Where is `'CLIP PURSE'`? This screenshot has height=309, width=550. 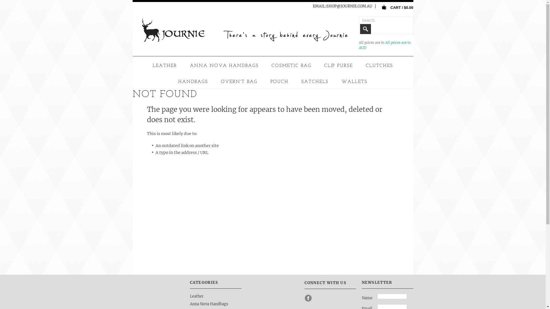
'CLIP PURSE' is located at coordinates (339, 66).